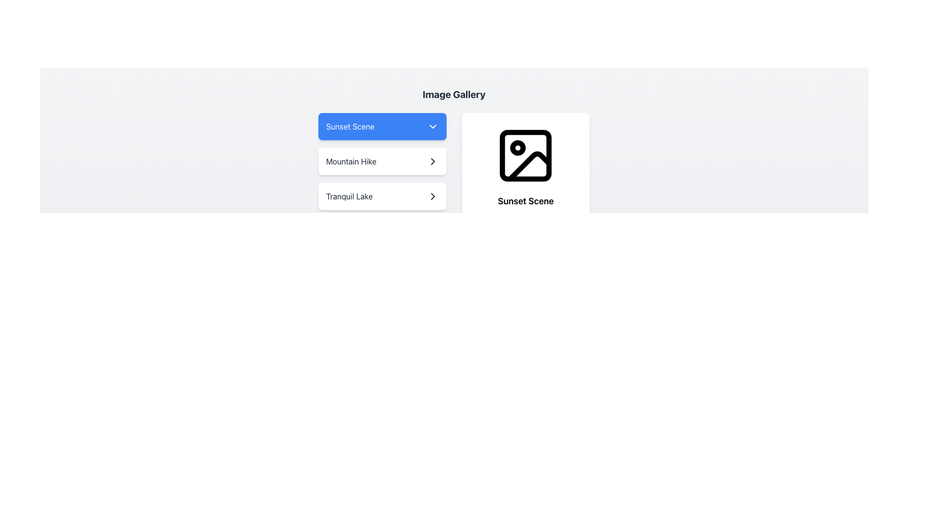 The width and height of the screenshot is (932, 524). I want to click on the second menu item in the list, which is related to 'Mountain Hike', so click(382, 173).